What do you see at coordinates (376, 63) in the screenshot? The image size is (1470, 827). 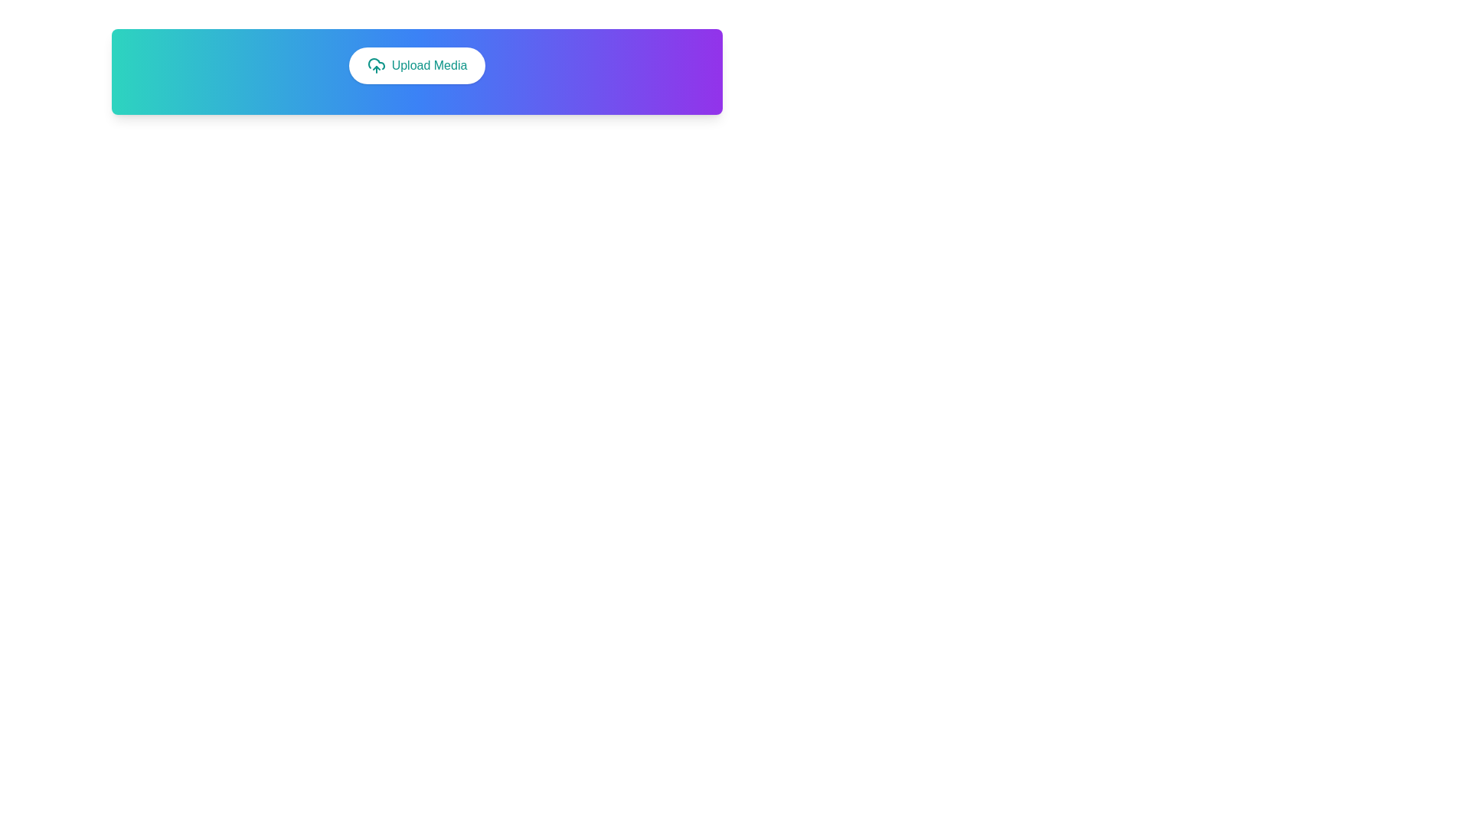 I see `the curved line forming part of the cloud shape in the upload icon, located to the left of the 'Upload Media' text button` at bounding box center [376, 63].